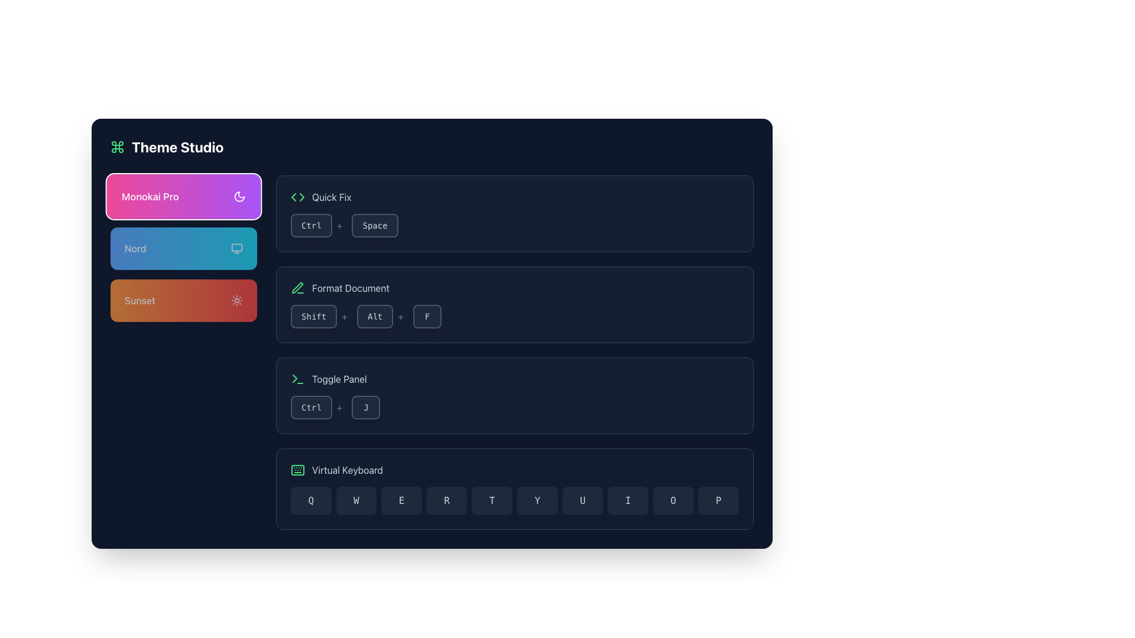 The image size is (1135, 638). I want to click on text label displaying 'Toggle Panel' in light gray color, located in the bottom half of the dark-themed interface at the specified coordinates, so click(339, 379).